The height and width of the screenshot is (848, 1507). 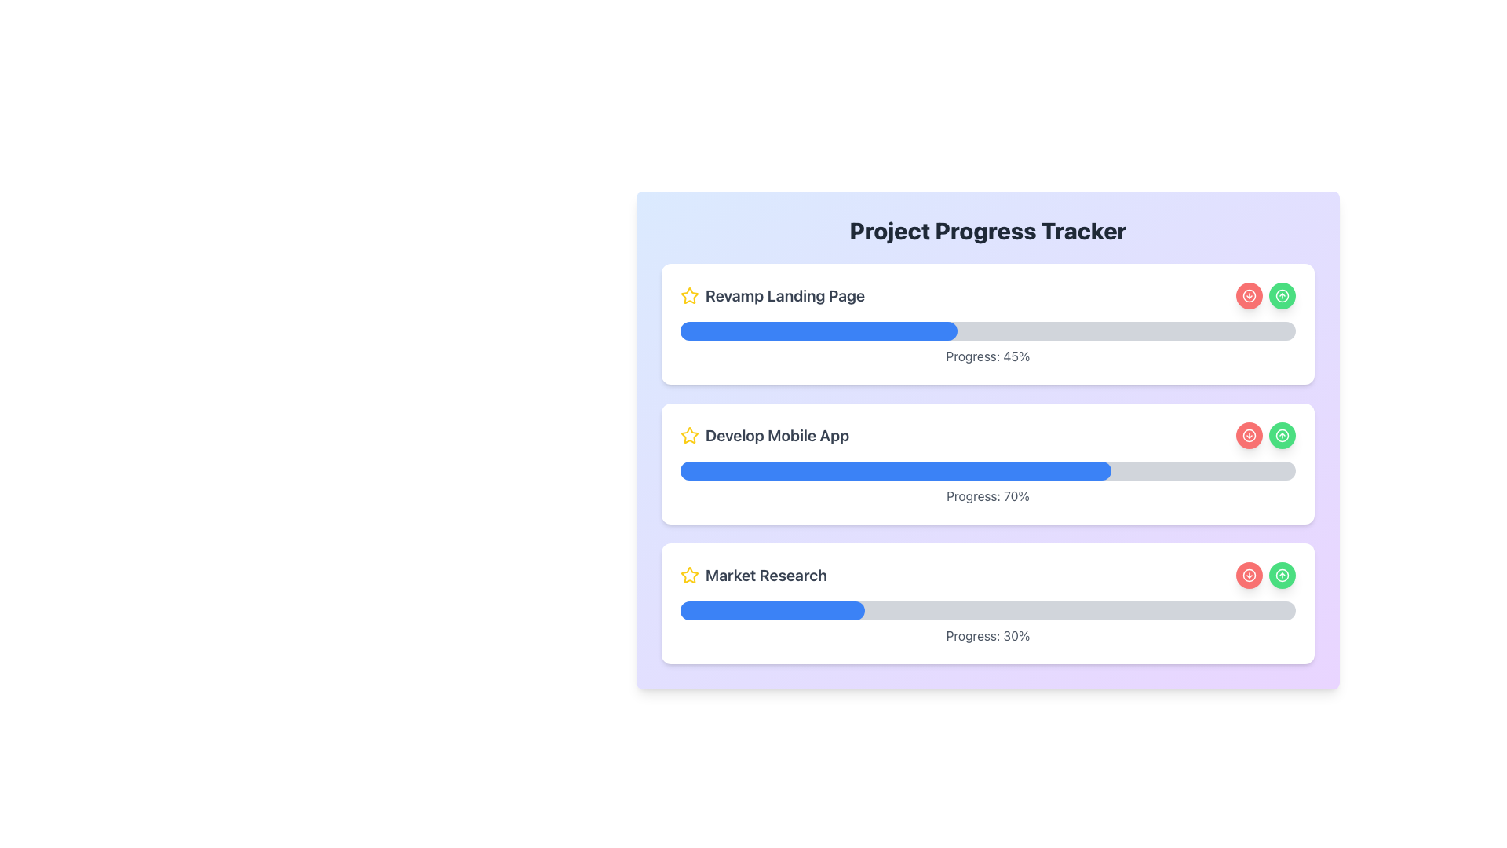 I want to click on the composite element consisting of two buttons for the 'Develop Mobile App' task in the 'Project Progress Tracker' interface, so click(x=1265, y=436).